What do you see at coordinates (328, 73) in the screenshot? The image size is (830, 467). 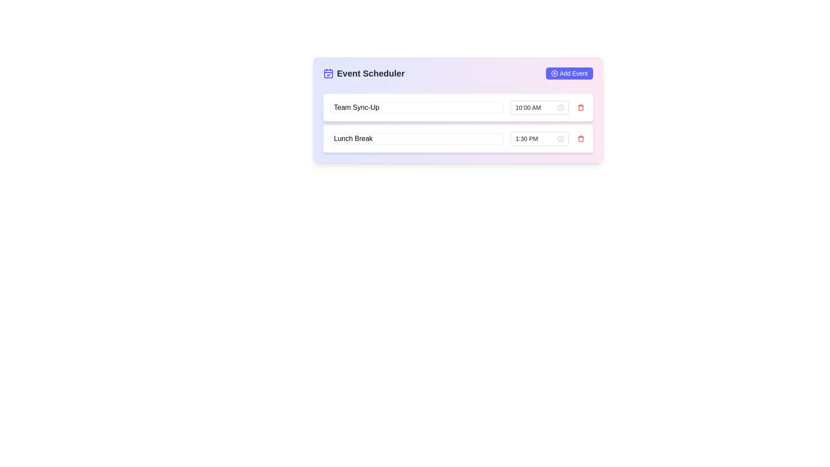 I see `the interactive SVG Rectangle located at the center-bottom part of the calendar icon` at bounding box center [328, 73].